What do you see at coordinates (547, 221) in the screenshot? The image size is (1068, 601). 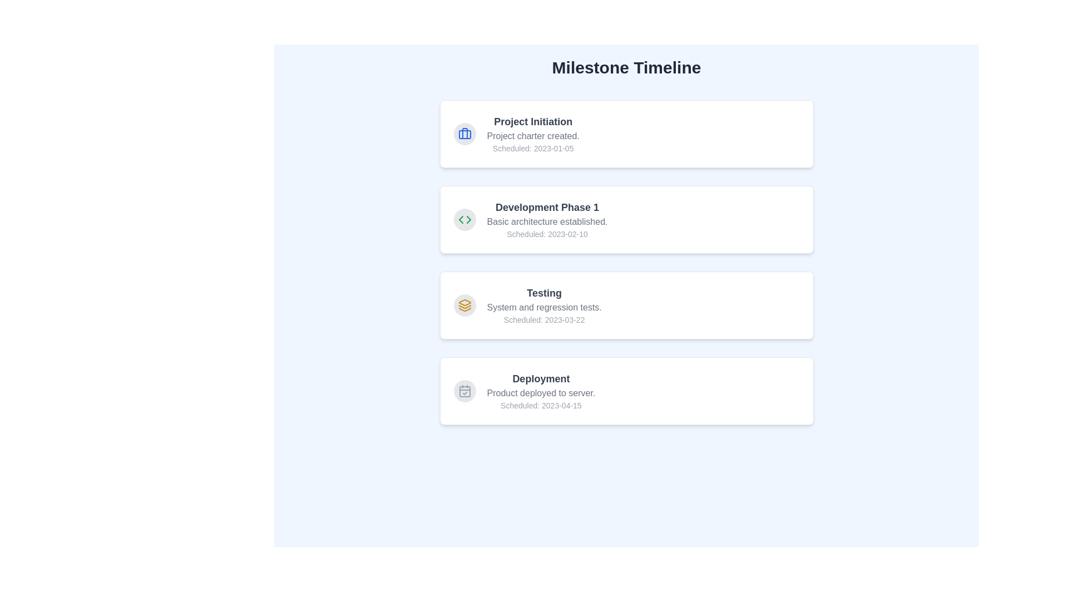 I see `the text element that reads 'Basic architecture established.' which is located below 'Development Phase 1' and above 'Scheduled: 2023-02-10' in the timeline layout` at bounding box center [547, 221].